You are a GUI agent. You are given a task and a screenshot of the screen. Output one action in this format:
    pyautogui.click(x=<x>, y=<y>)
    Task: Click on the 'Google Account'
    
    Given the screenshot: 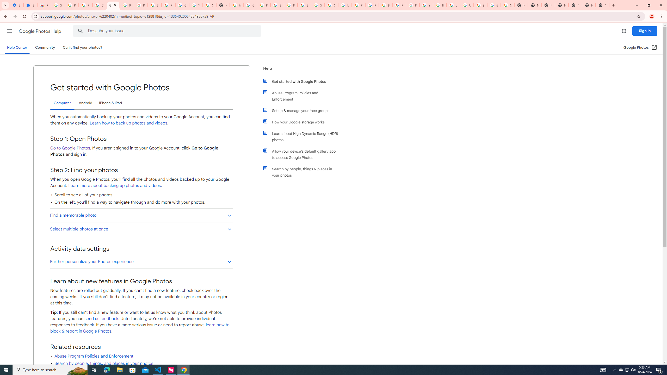 What is the action you would take?
    pyautogui.click(x=182, y=5)
    